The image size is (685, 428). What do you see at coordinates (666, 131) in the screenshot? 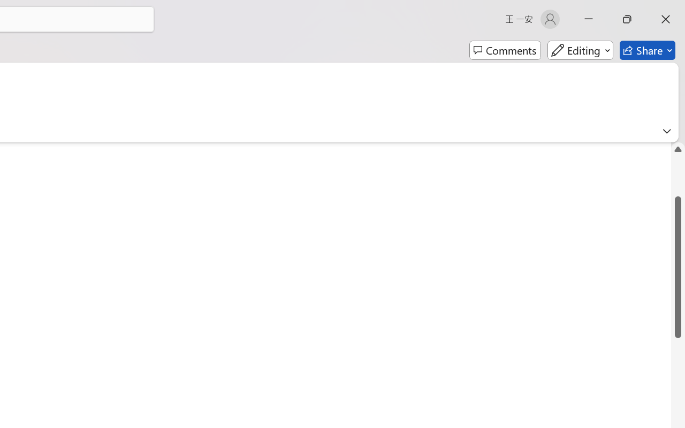
I see `'Ribbon Display Options'` at bounding box center [666, 131].